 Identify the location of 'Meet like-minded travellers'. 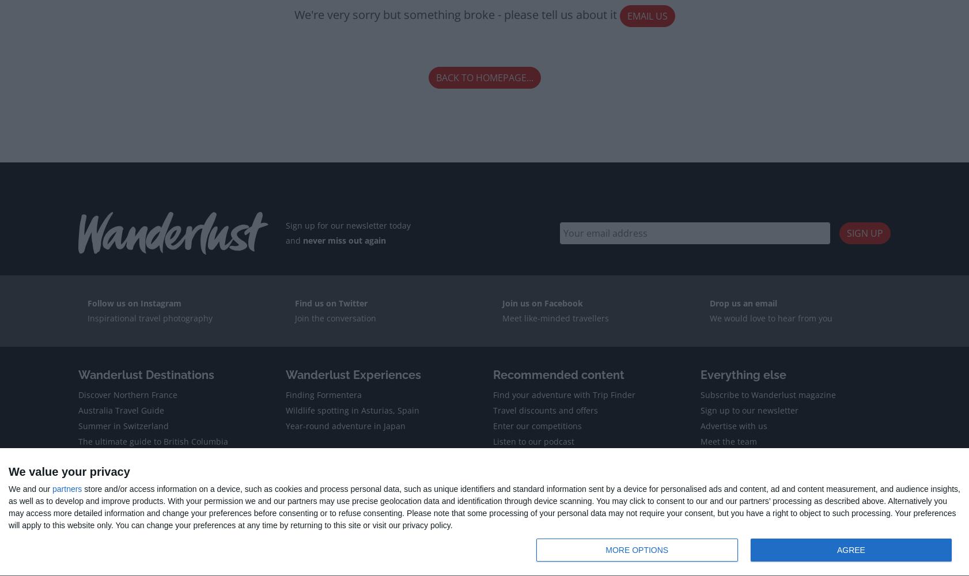
(555, 317).